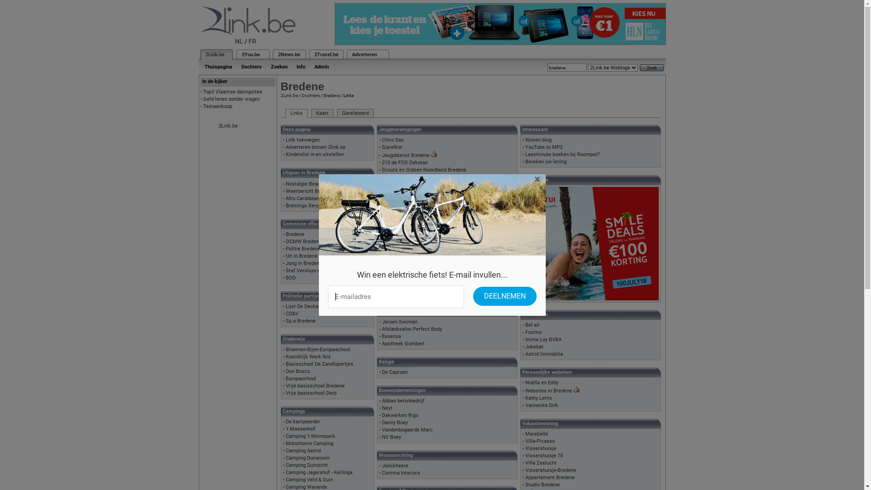 The height and width of the screenshot is (490, 871). Describe the element at coordinates (304, 263) in the screenshot. I see `'Jong in Bredene'` at that location.